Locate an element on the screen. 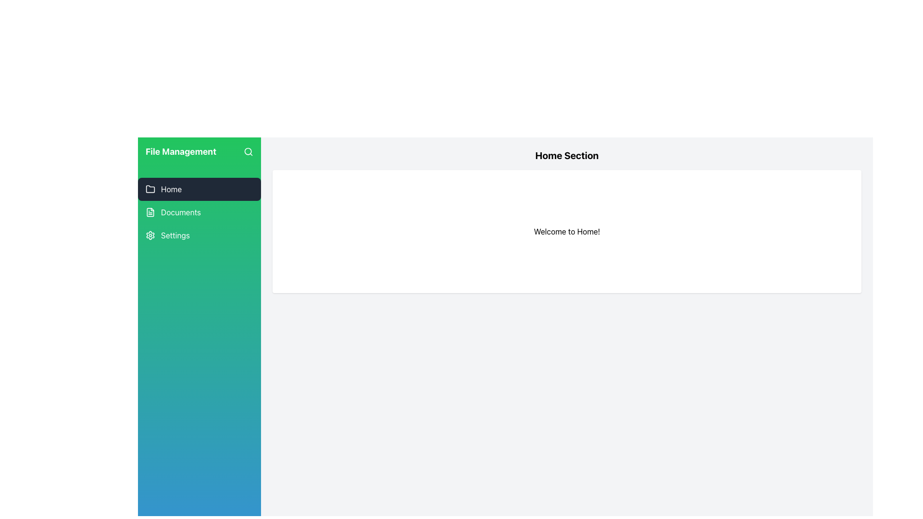 Image resolution: width=923 pixels, height=519 pixels. the 'Documents' menu item icon, which is a white document icon on a green gradient background, located in the vertical navigation menu on the left is located at coordinates (150, 212).